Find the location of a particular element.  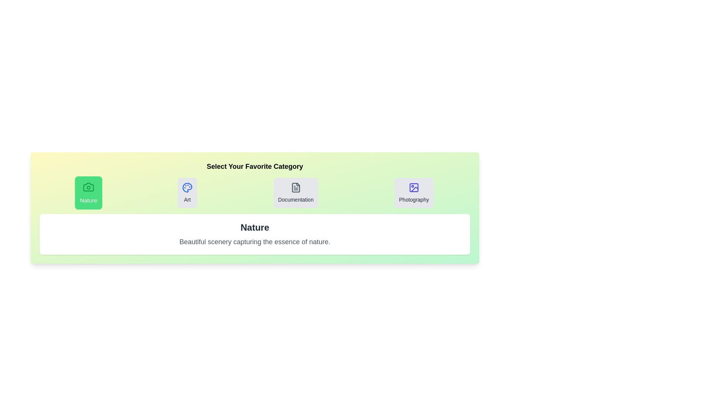

the 'Documentation' category tab is located at coordinates (295, 193).